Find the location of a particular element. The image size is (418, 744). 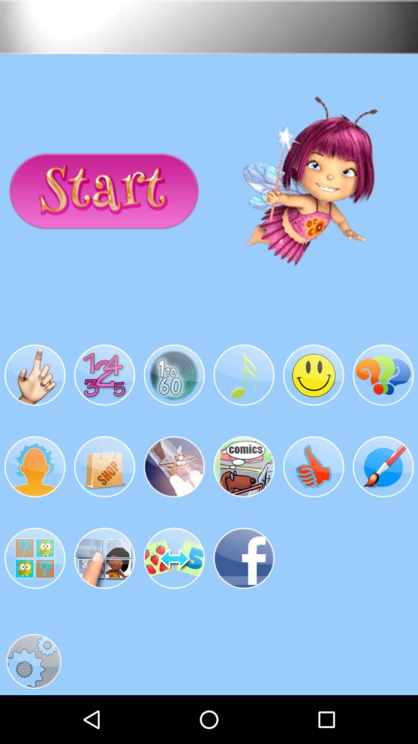

the edit icon is located at coordinates (383, 499).